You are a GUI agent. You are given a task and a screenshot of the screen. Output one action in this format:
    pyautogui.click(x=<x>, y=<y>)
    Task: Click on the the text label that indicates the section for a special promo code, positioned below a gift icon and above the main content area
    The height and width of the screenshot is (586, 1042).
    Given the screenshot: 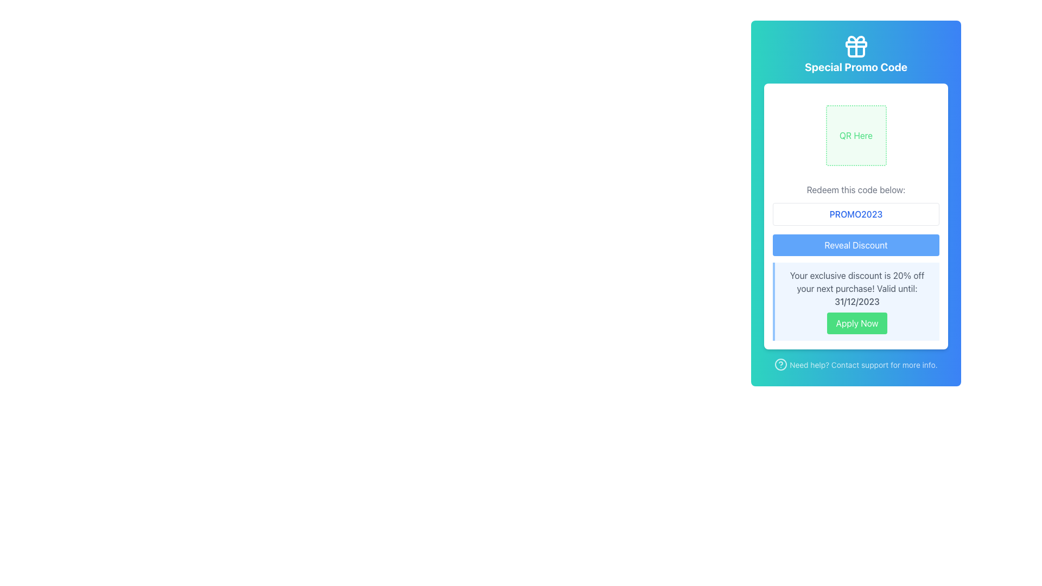 What is the action you would take?
    pyautogui.click(x=855, y=67)
    